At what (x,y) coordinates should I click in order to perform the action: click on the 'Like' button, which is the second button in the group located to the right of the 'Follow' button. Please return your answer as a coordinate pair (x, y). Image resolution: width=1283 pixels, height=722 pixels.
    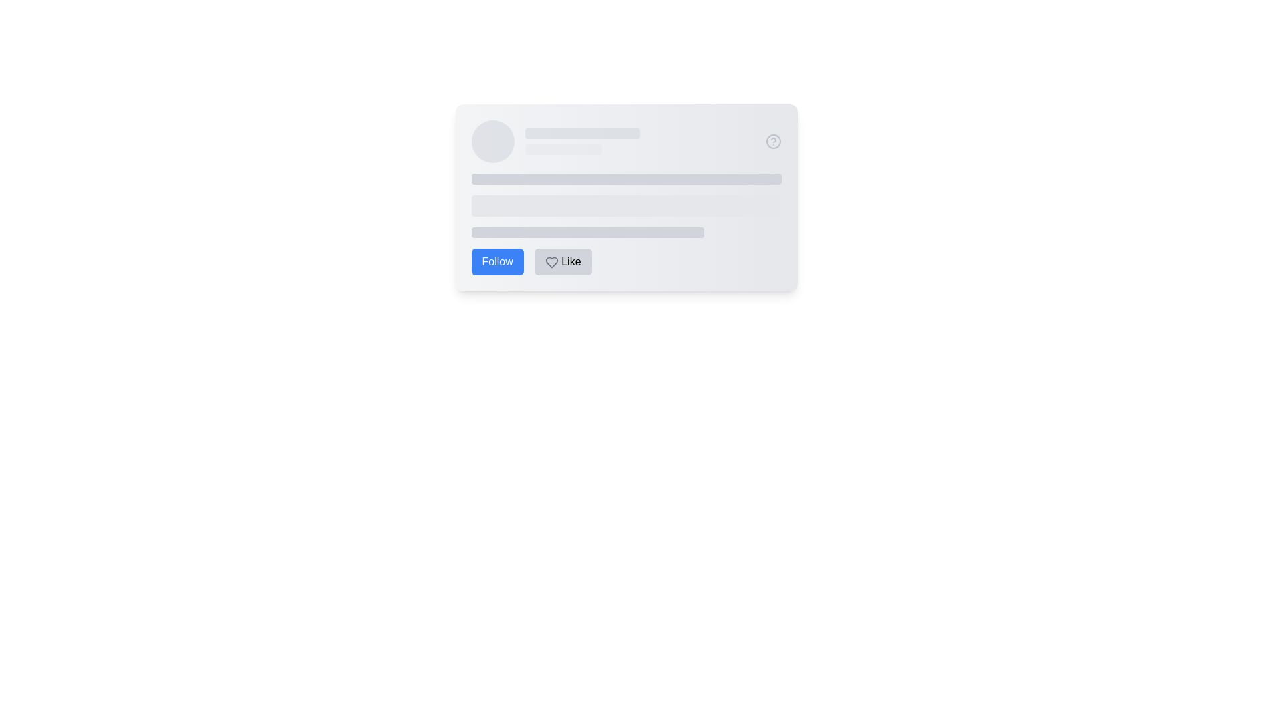
    Looking at the image, I should click on (563, 262).